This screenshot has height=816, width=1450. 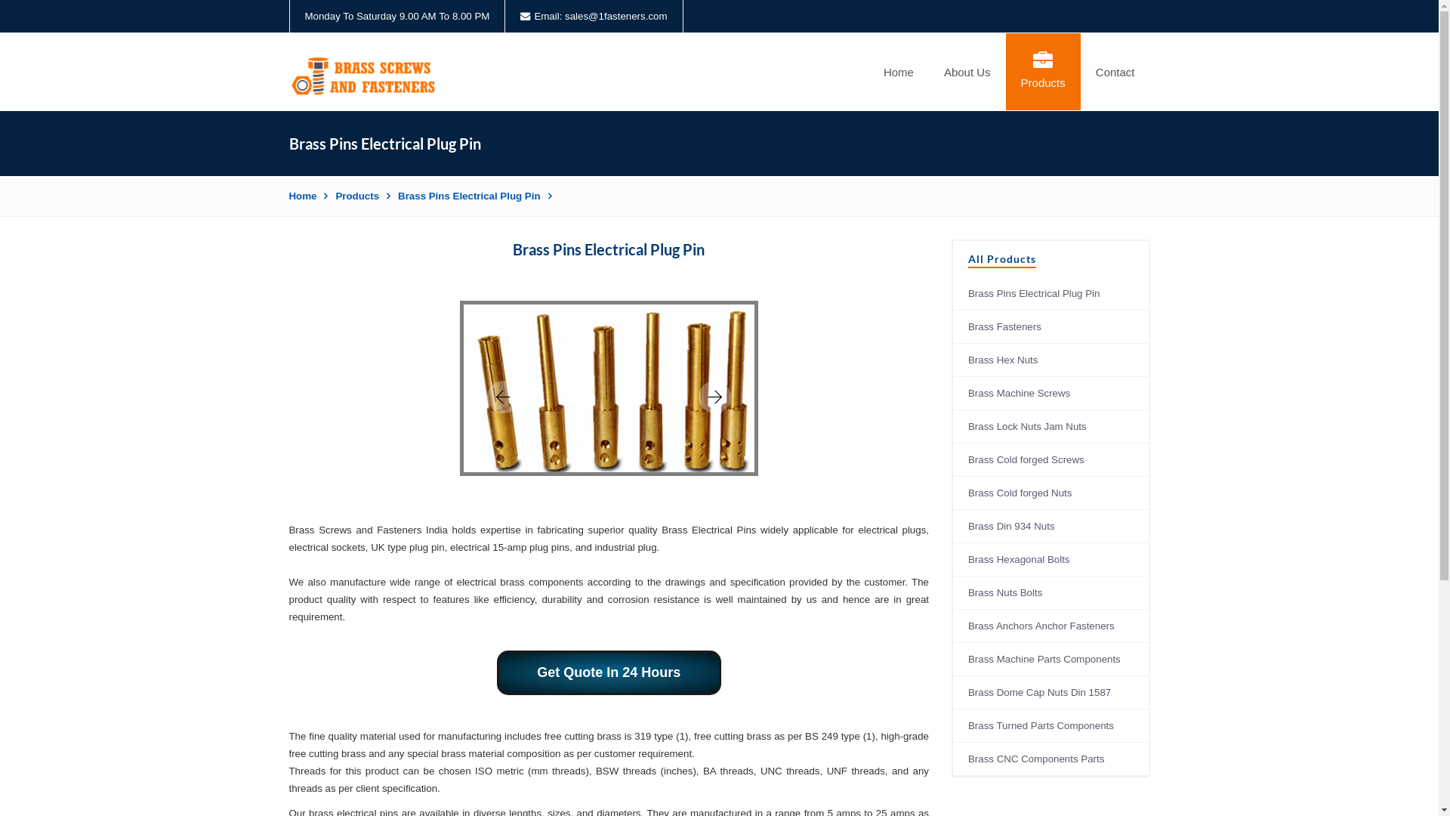 What do you see at coordinates (615, 16) in the screenshot?
I see `'sales@1fasteners.com'` at bounding box center [615, 16].